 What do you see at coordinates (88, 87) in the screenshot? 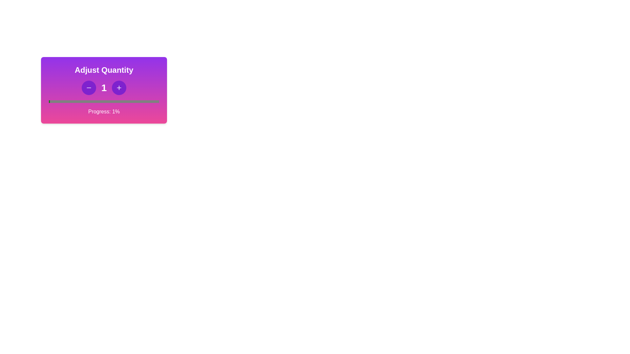
I see `the 'minus' icon inside the circular button with a purple background, located to the left of the numeric text value '1', in the 'Adjust Quantity' section` at bounding box center [88, 87].